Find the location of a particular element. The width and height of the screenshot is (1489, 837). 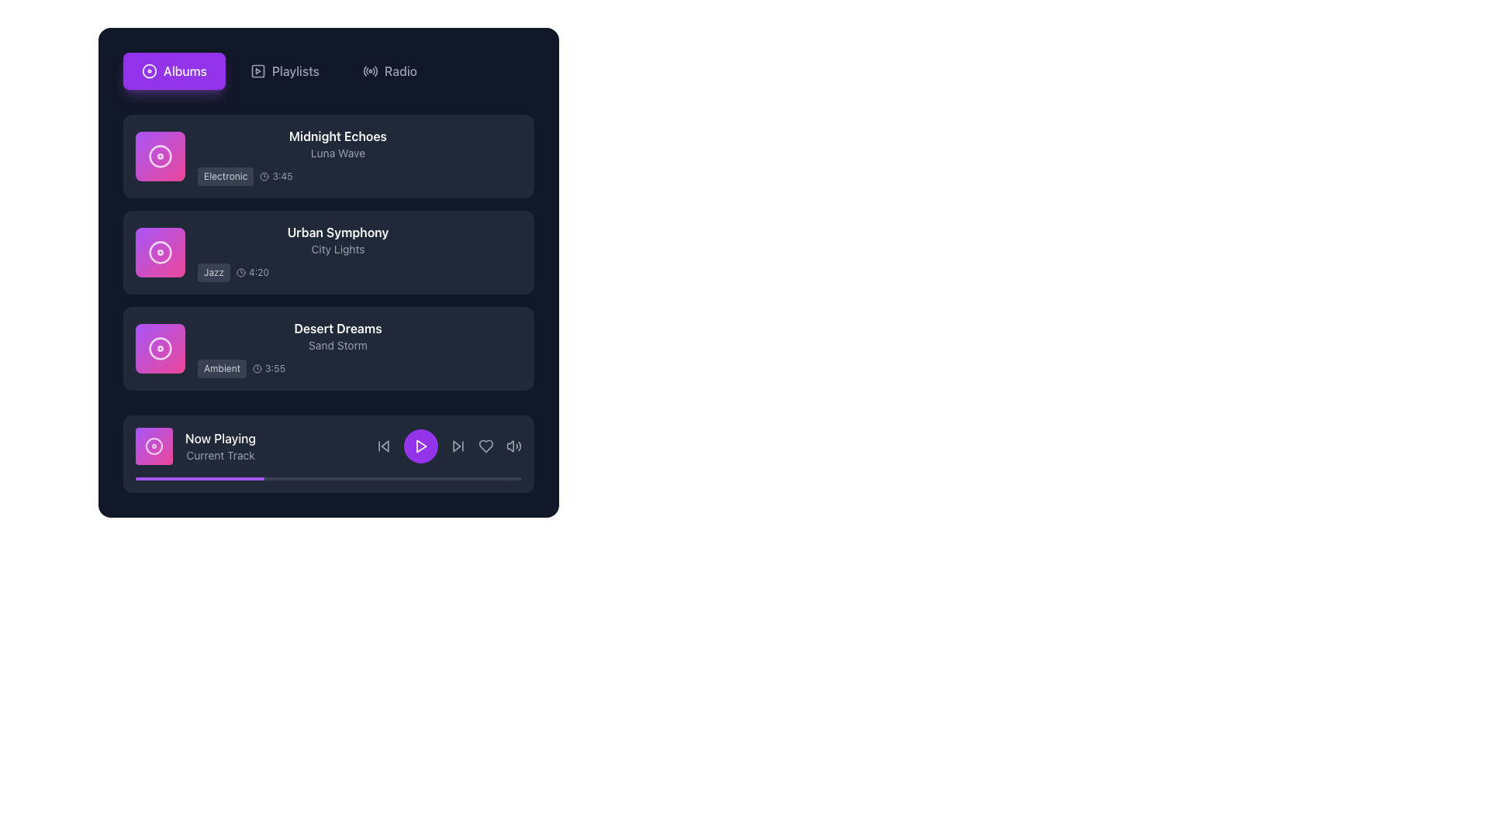

the second album entry in the list, labeled 'Urban Symphony' is located at coordinates (327, 252).